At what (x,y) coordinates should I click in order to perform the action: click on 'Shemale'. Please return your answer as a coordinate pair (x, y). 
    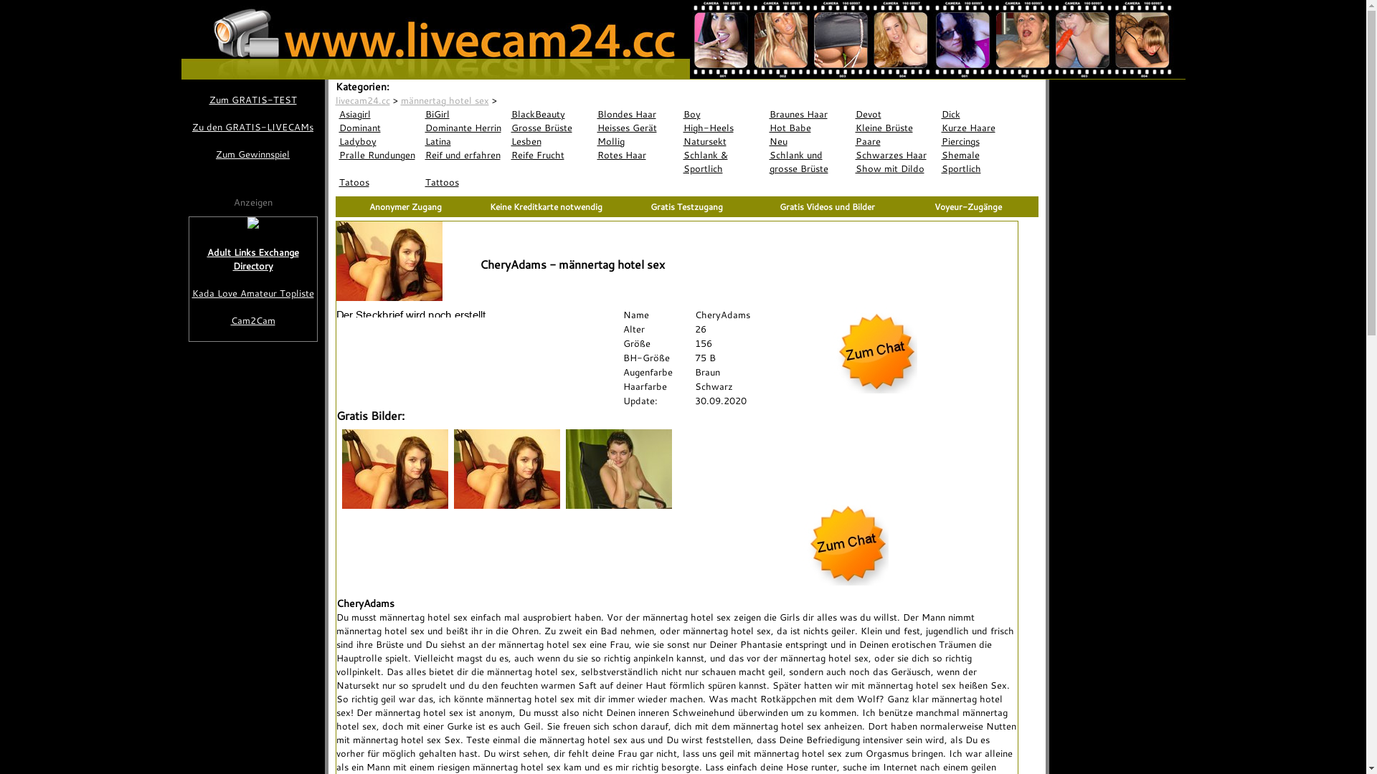
    Looking at the image, I should click on (980, 155).